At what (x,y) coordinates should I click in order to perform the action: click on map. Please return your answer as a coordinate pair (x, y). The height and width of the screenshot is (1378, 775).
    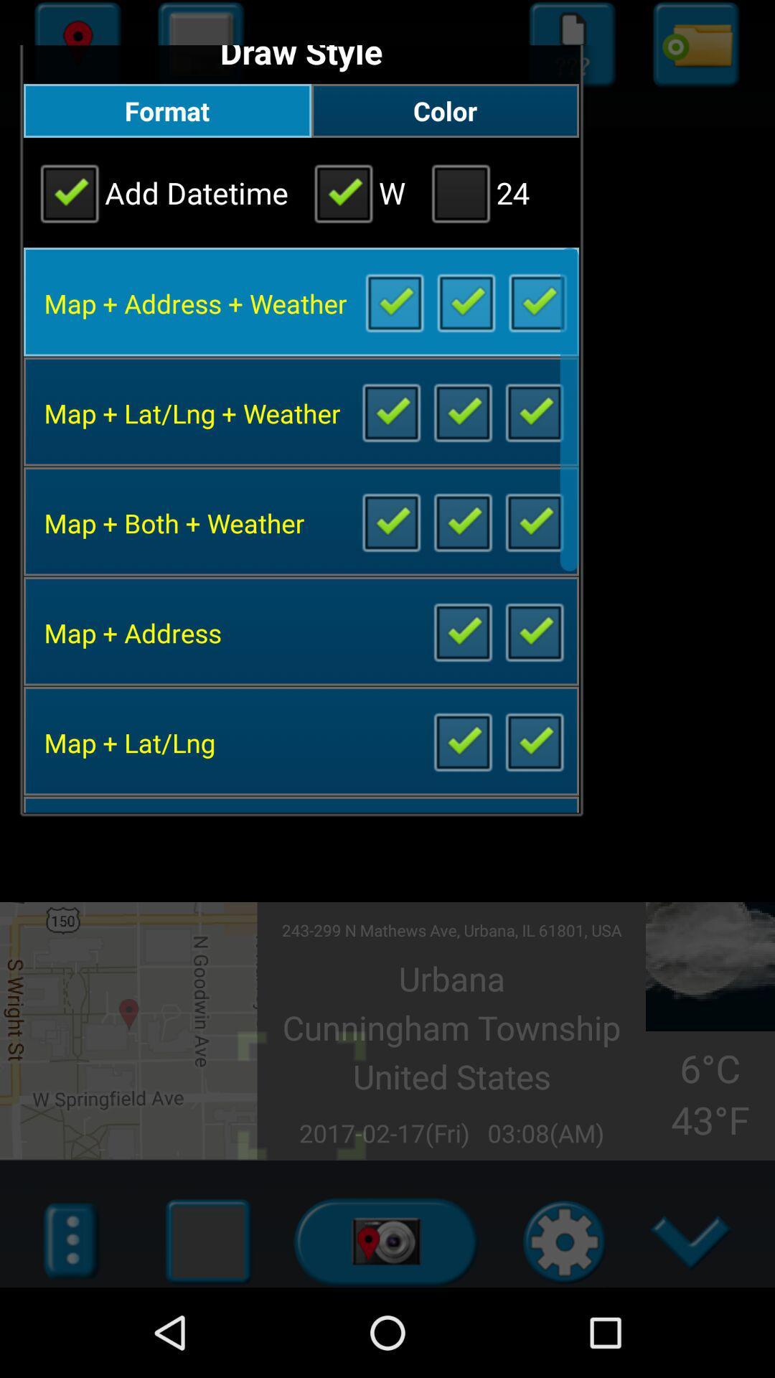
    Looking at the image, I should click on (390, 520).